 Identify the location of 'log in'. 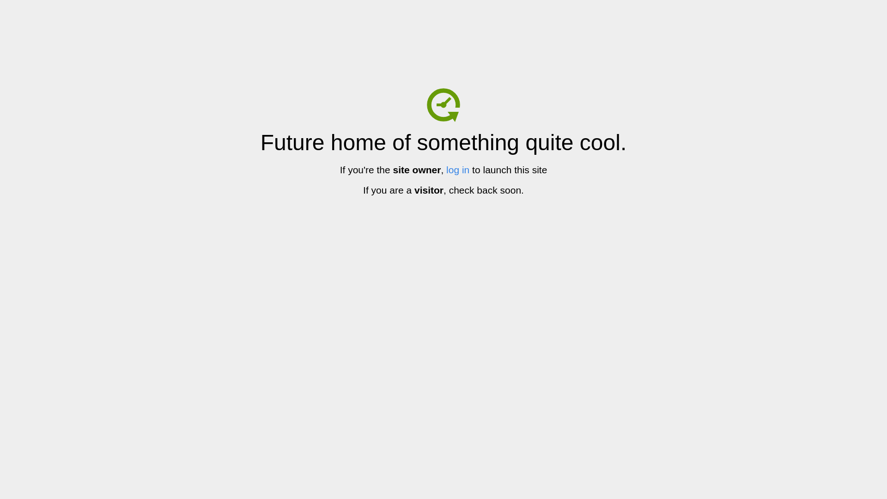
(446, 170).